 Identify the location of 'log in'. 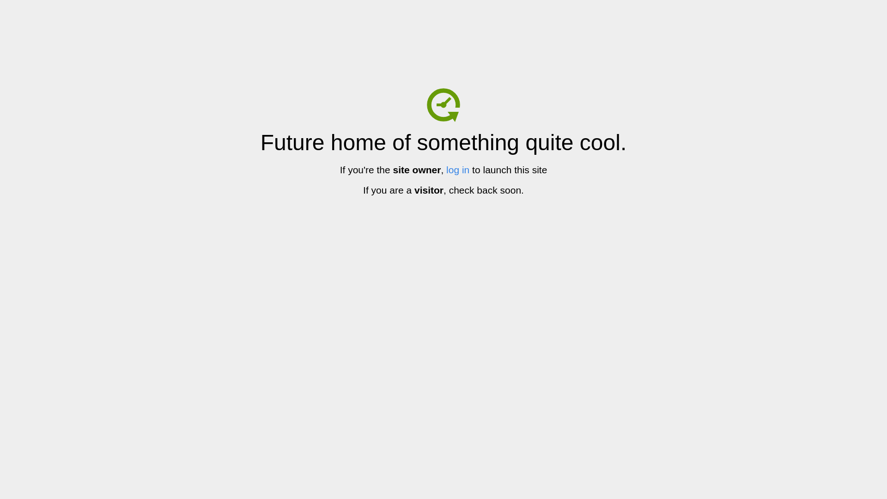
(446, 170).